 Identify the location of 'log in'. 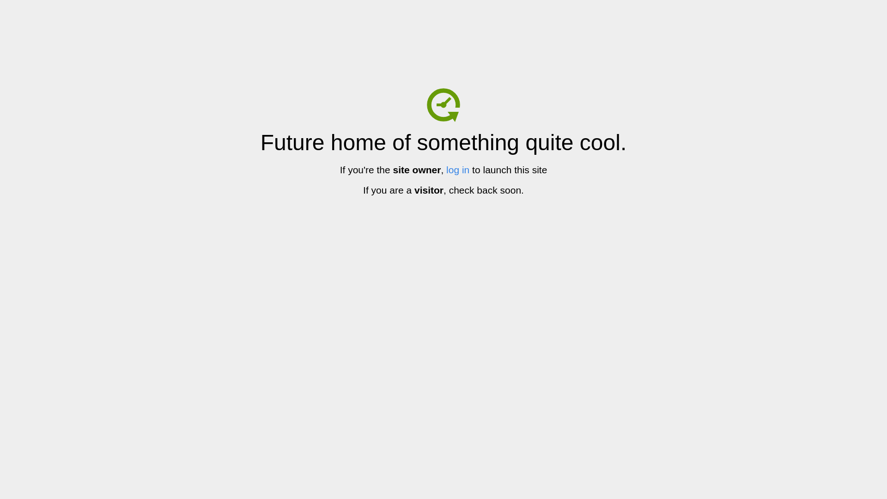
(446, 170).